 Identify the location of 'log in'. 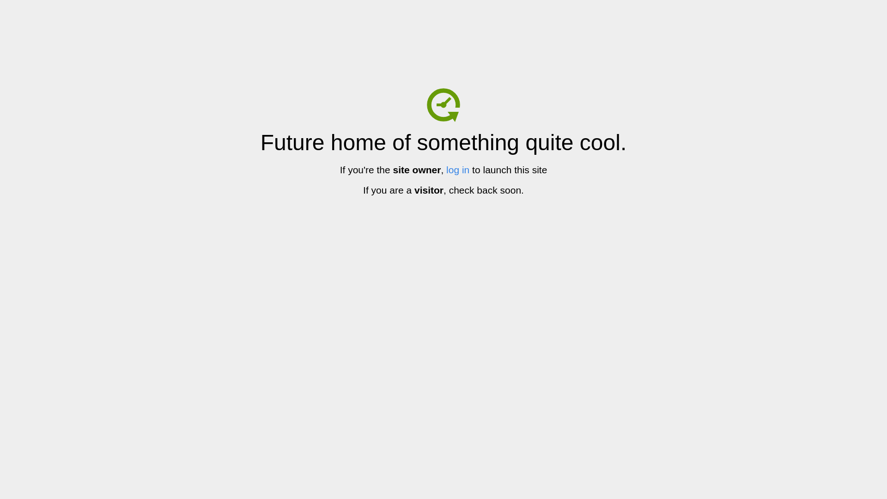
(446, 170).